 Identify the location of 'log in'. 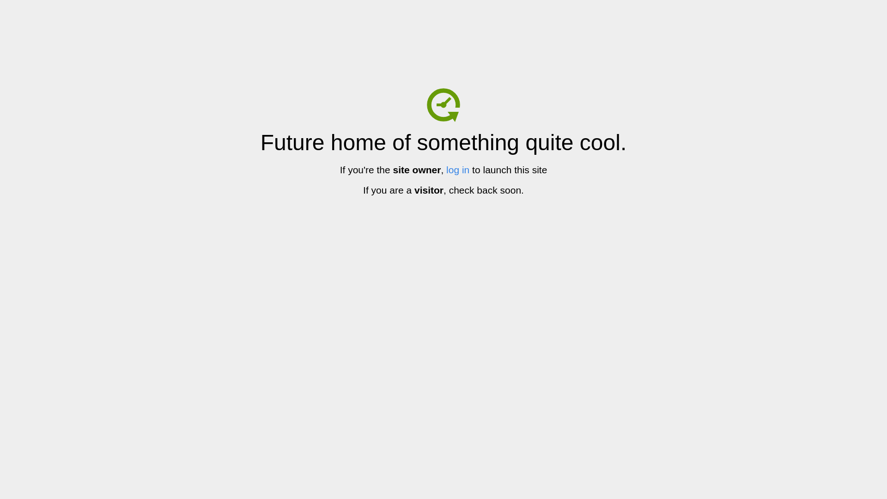
(446, 170).